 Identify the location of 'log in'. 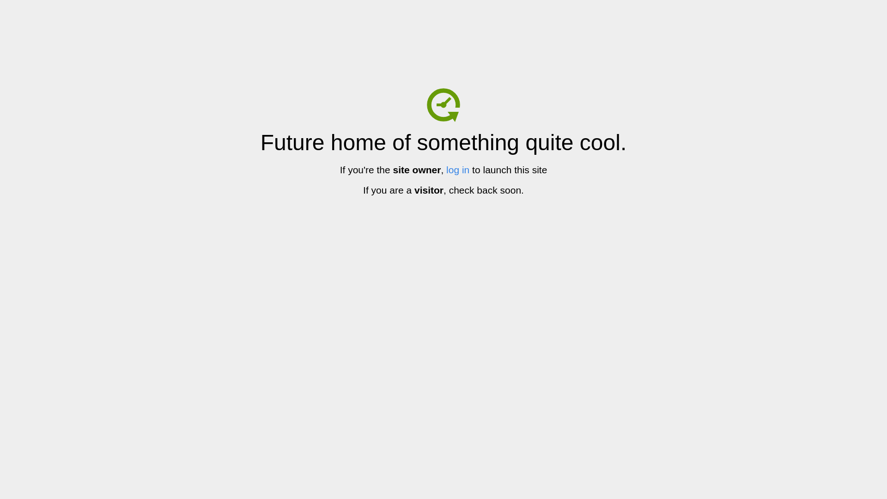
(446, 170).